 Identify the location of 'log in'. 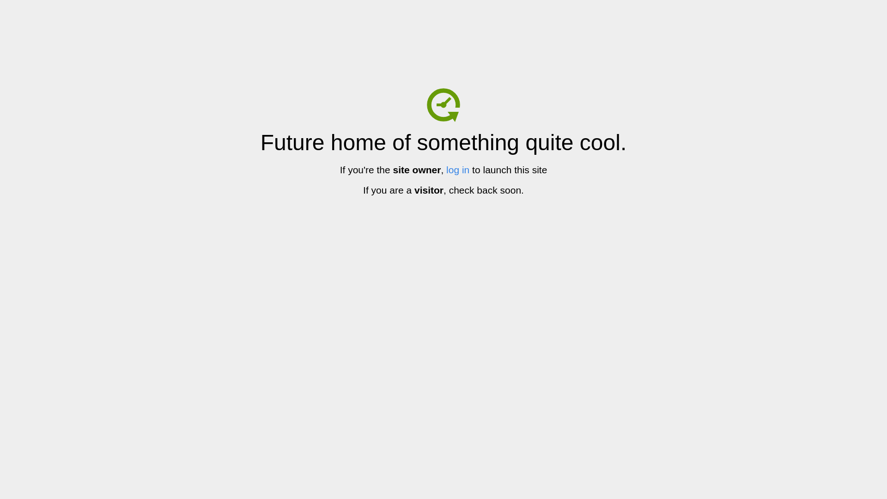
(446, 170).